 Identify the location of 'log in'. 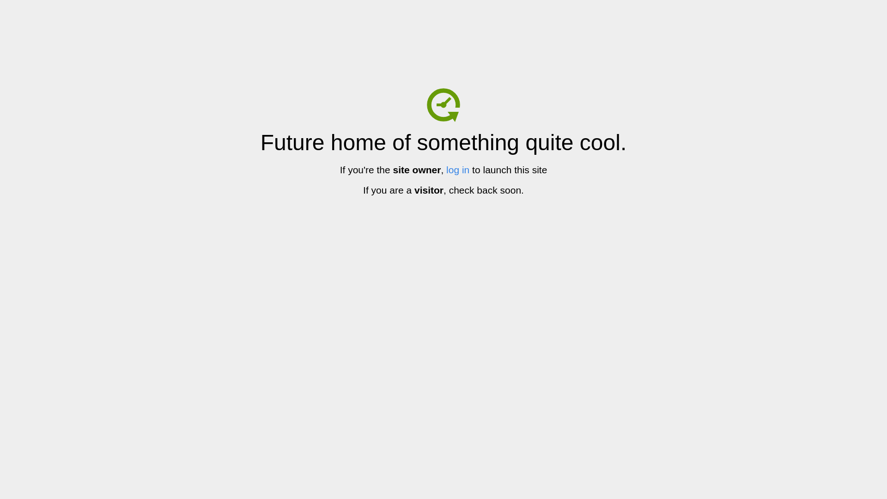
(446, 170).